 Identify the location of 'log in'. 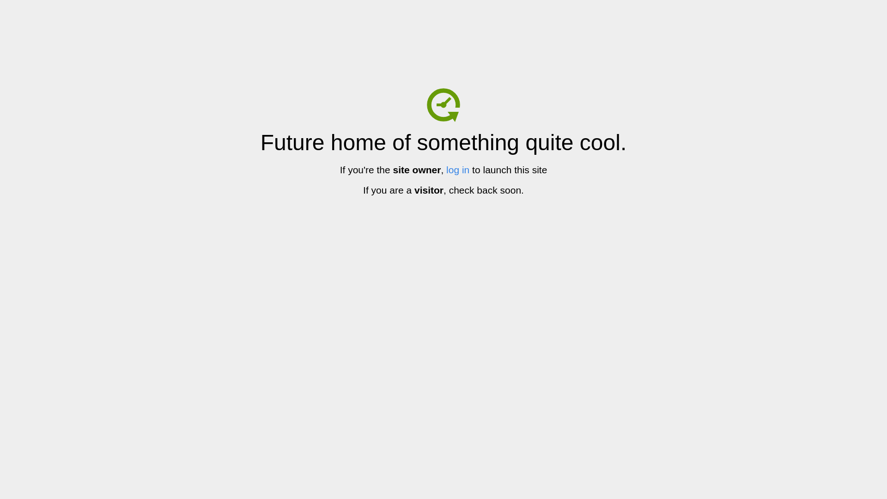
(446, 170).